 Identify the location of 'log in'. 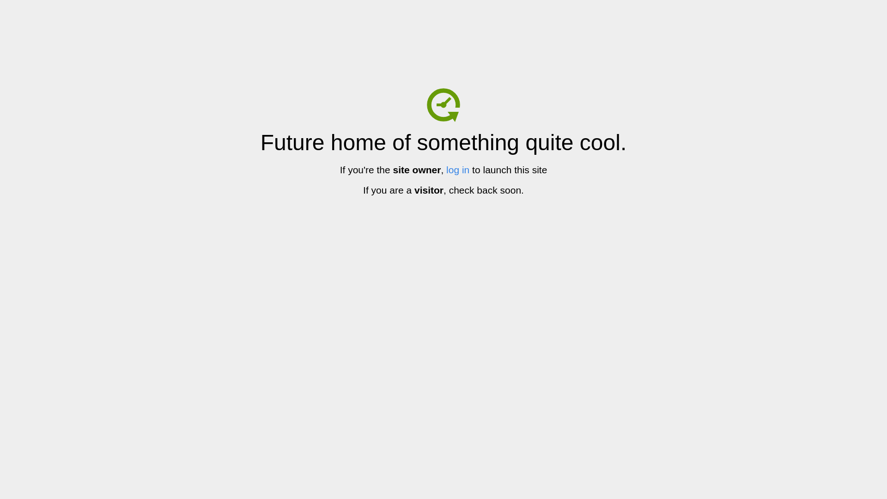
(446, 170).